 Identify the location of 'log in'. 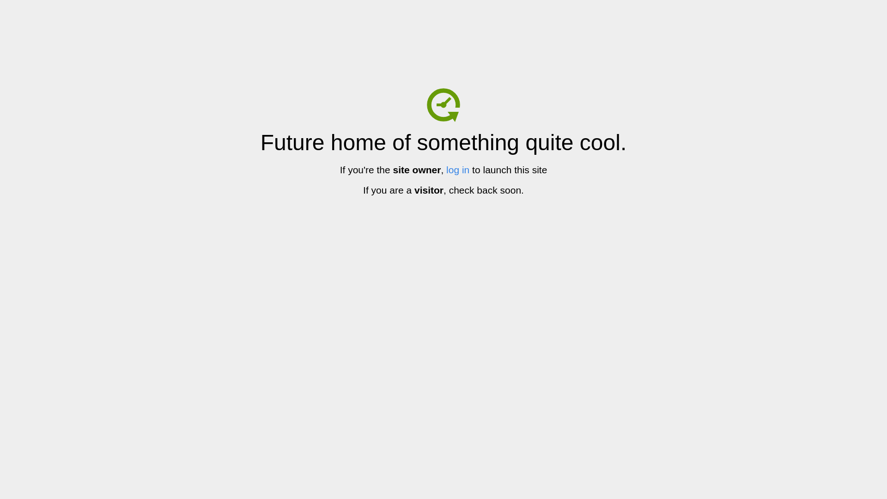
(446, 170).